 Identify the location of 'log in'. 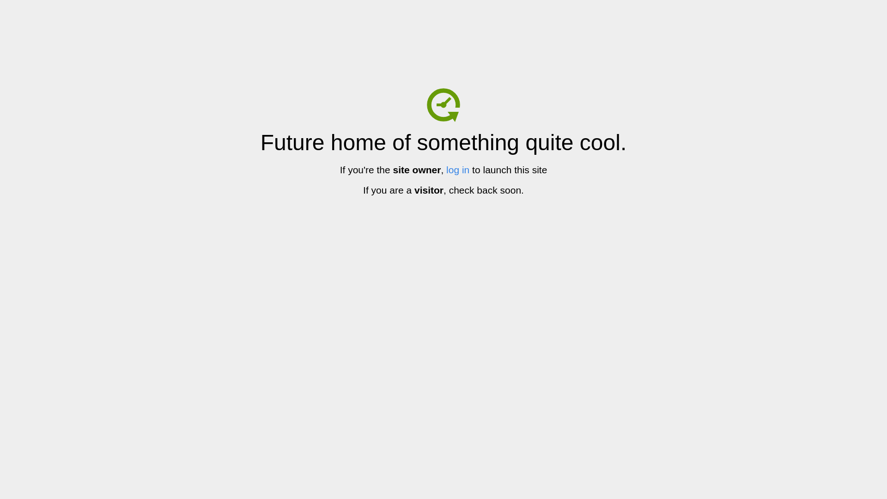
(446, 170).